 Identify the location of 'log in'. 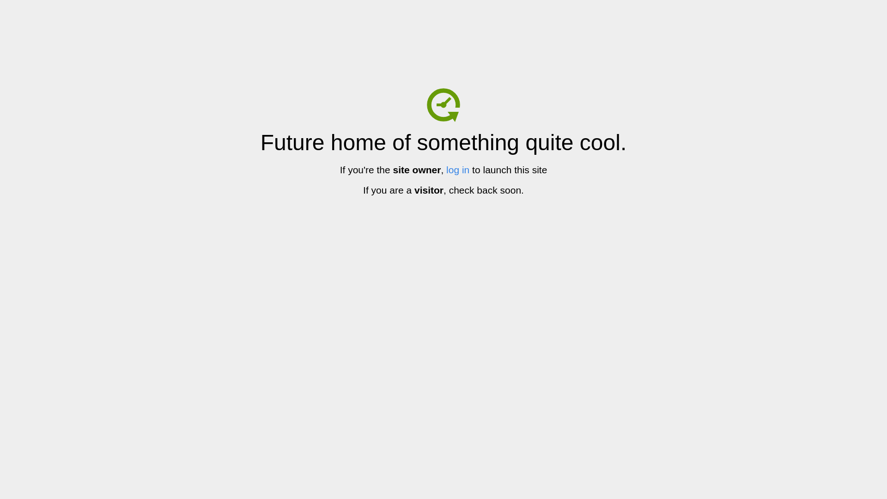
(446, 170).